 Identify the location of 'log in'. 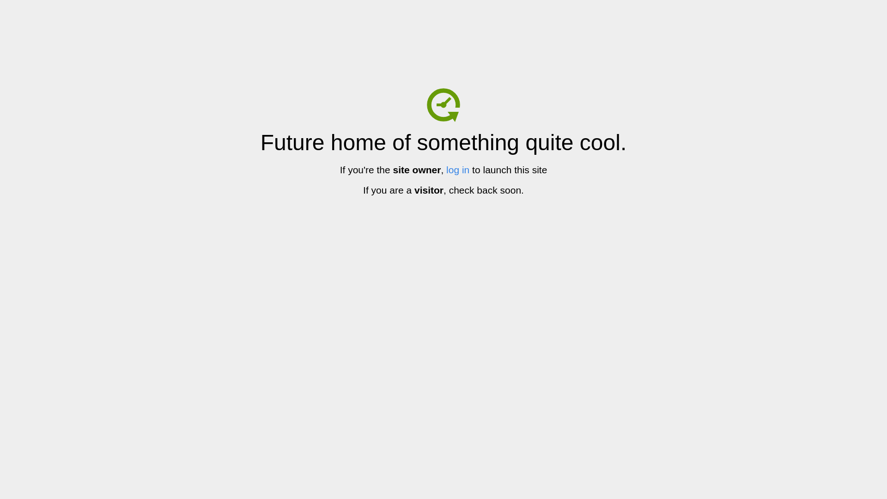
(446, 170).